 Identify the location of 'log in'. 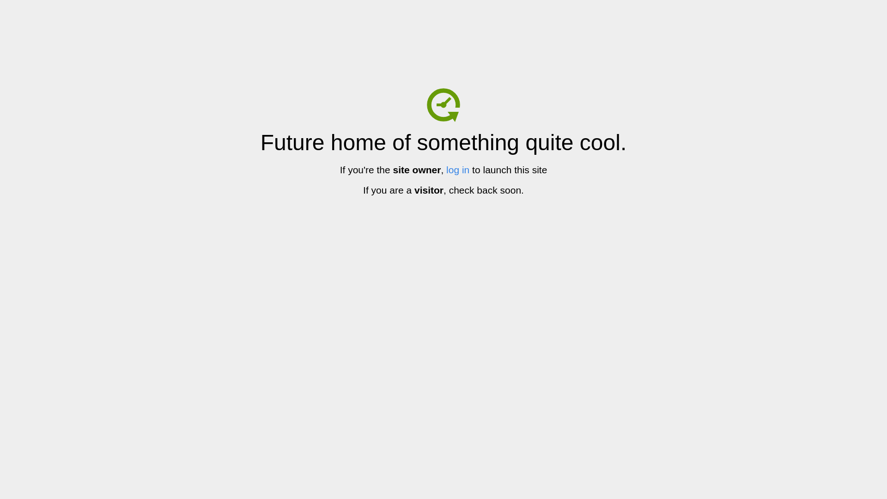
(446, 170).